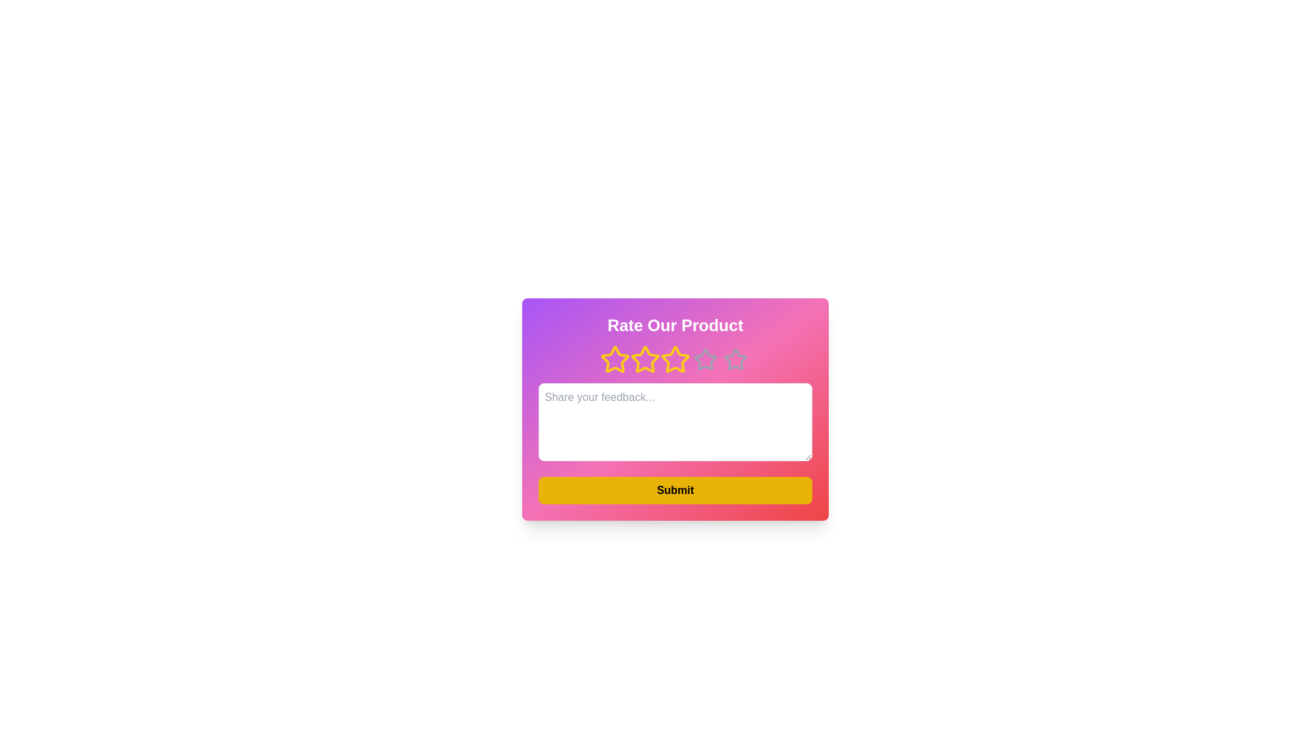 This screenshot has height=739, width=1314. What do you see at coordinates (675, 359) in the screenshot?
I see `the third rating star icon, which is a five-pointed star with a yellow outline and a pink-filled background` at bounding box center [675, 359].